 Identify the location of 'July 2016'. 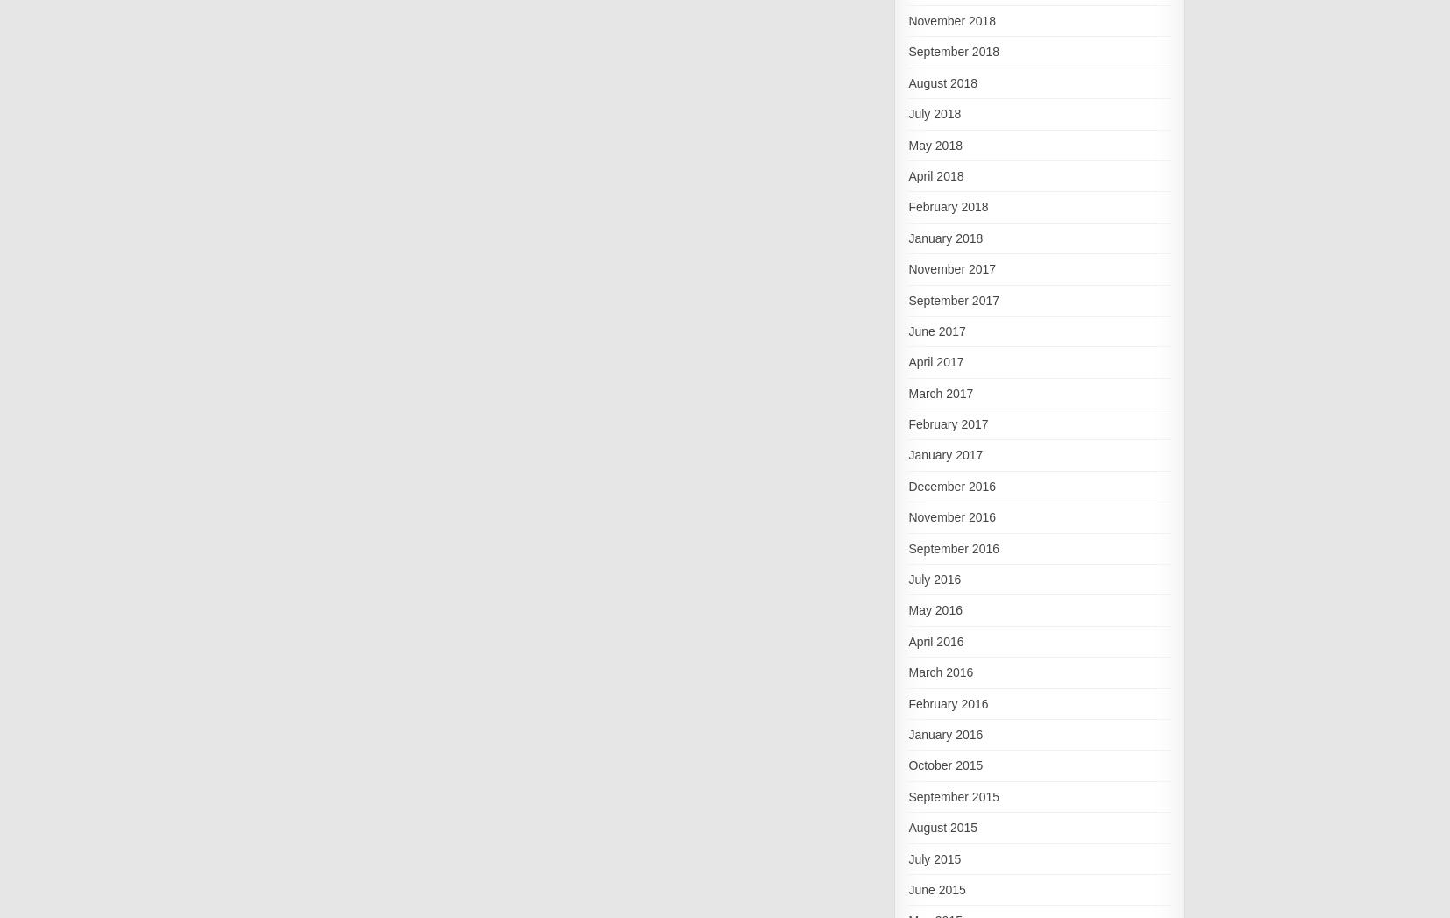
(934, 579).